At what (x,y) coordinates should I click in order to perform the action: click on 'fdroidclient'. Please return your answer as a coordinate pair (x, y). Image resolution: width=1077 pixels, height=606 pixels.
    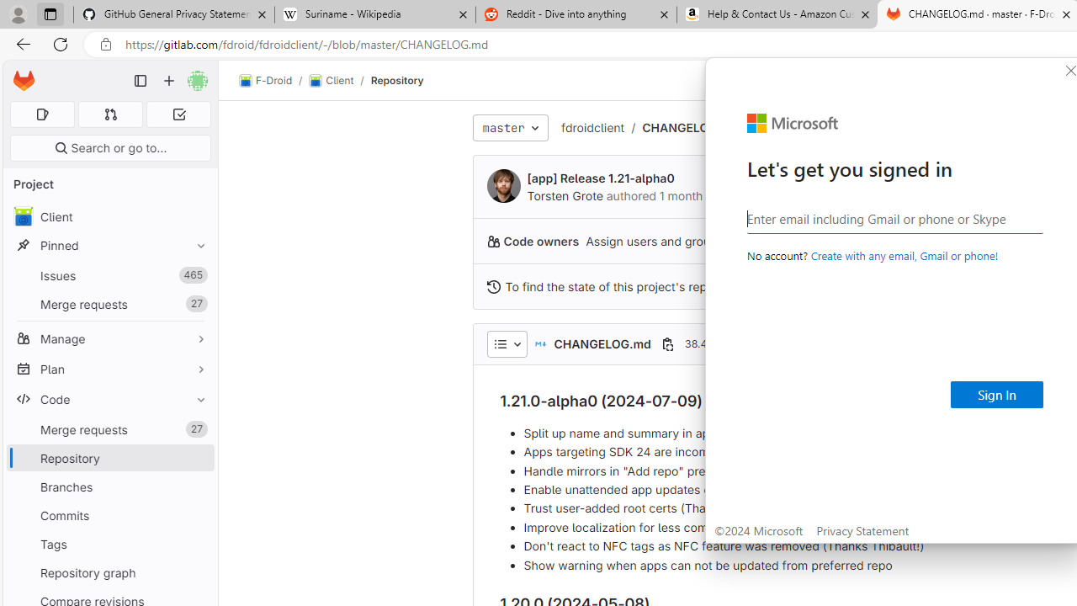
    Looking at the image, I should click on (592, 126).